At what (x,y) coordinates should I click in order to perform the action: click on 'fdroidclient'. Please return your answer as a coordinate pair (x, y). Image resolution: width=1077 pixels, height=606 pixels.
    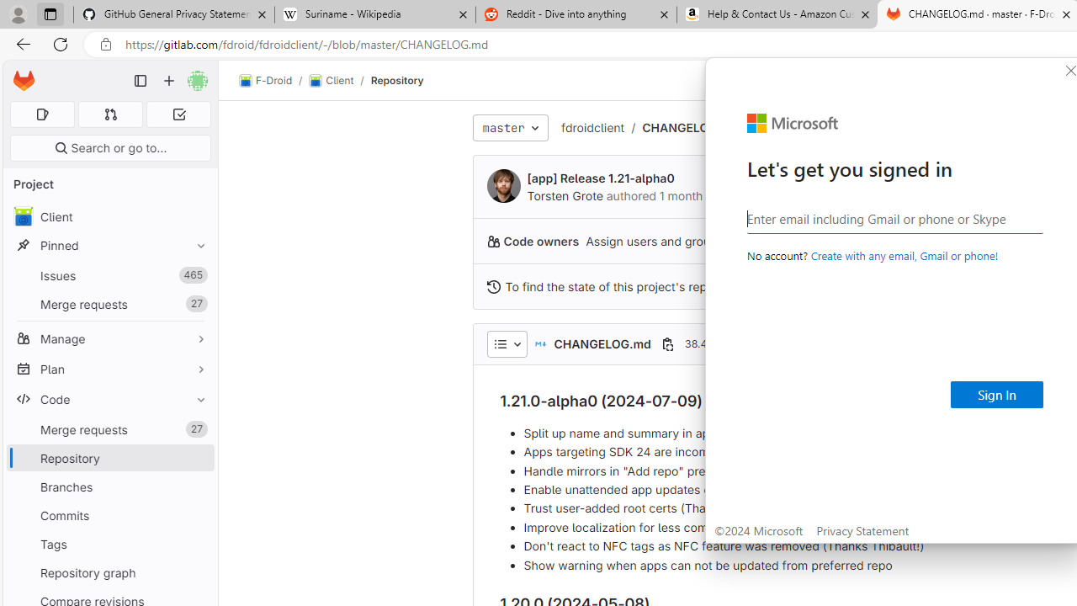
    Looking at the image, I should click on (592, 126).